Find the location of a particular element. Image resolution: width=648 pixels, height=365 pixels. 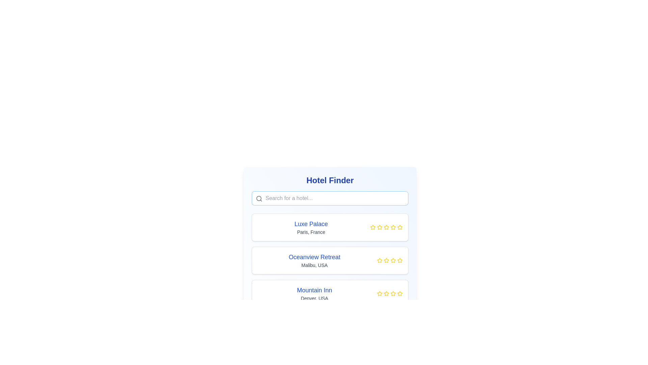

the third star in the rating section of the Luxe Palace item to adjust the rating is located at coordinates (386, 227).